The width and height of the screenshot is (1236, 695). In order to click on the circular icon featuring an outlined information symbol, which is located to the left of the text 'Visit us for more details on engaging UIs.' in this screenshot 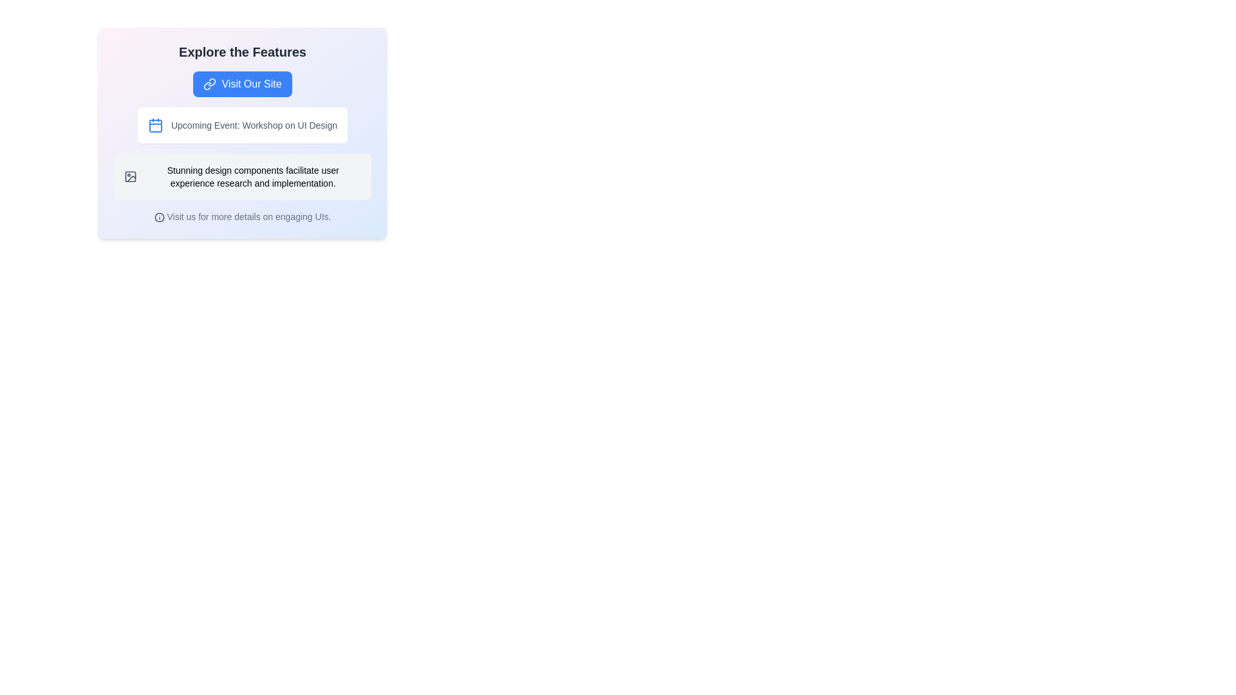, I will do `click(158, 217)`.